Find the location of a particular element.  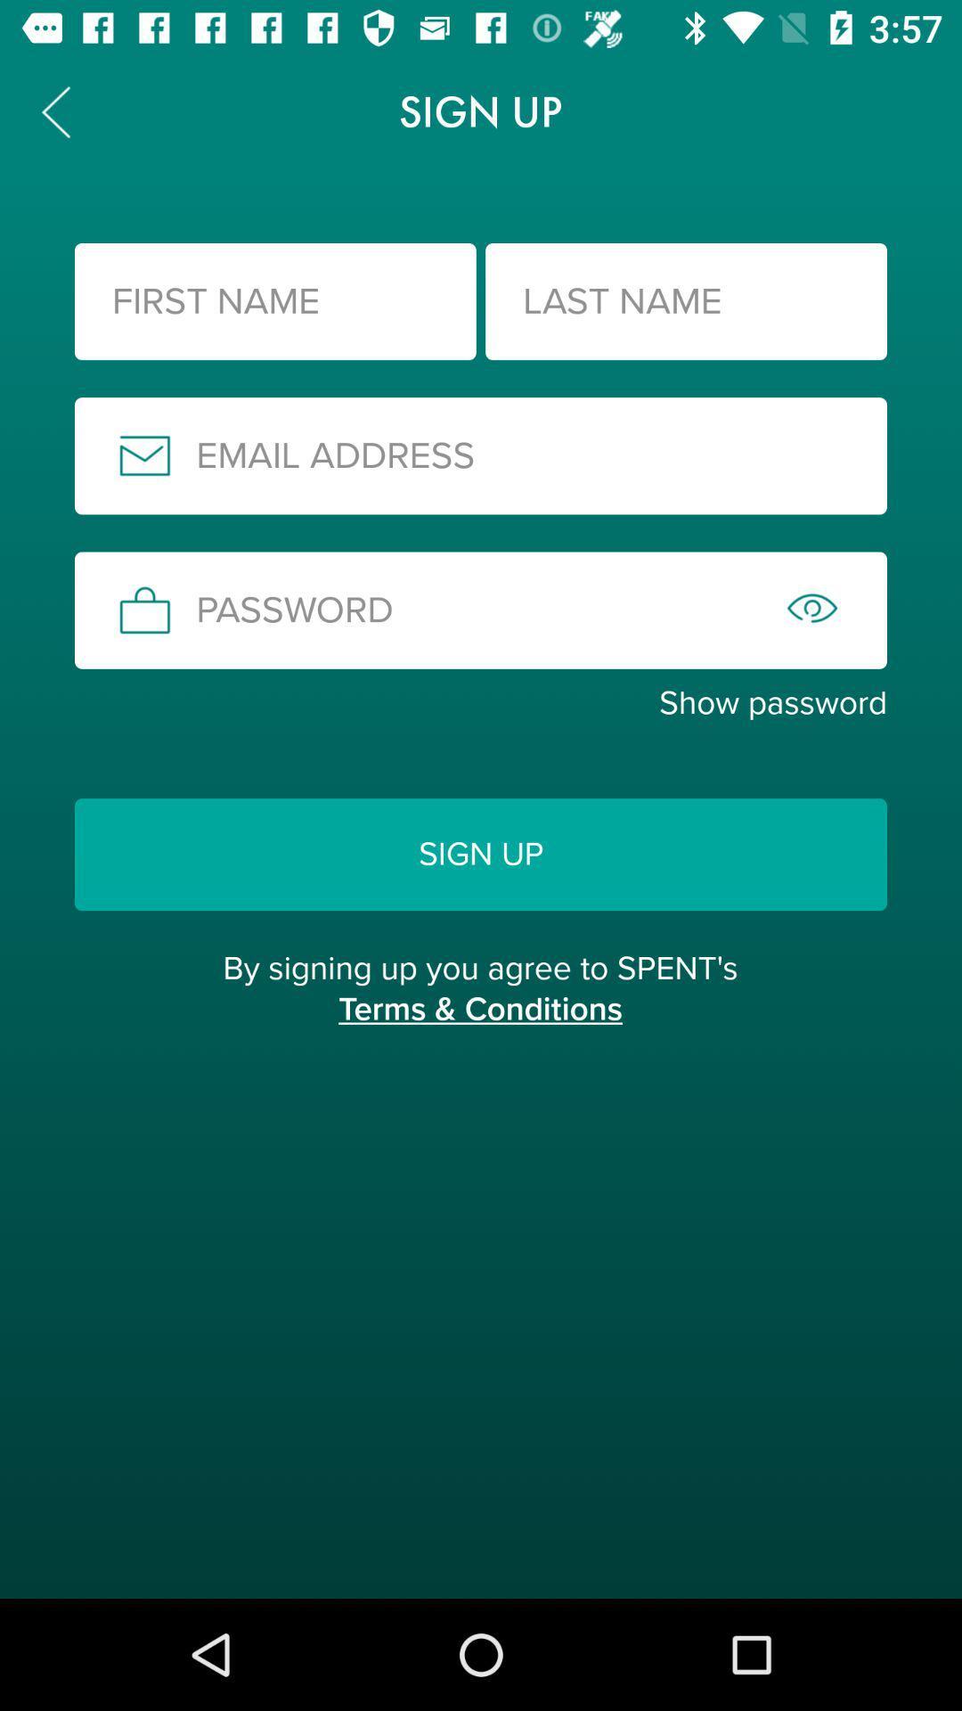

email address is located at coordinates (481, 455).